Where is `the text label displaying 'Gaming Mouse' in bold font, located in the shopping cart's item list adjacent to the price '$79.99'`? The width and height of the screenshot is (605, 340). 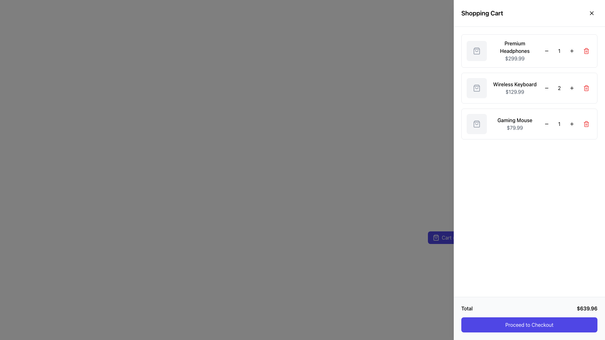
the text label displaying 'Gaming Mouse' in bold font, located in the shopping cart's item list adjacent to the price '$79.99' is located at coordinates (515, 120).